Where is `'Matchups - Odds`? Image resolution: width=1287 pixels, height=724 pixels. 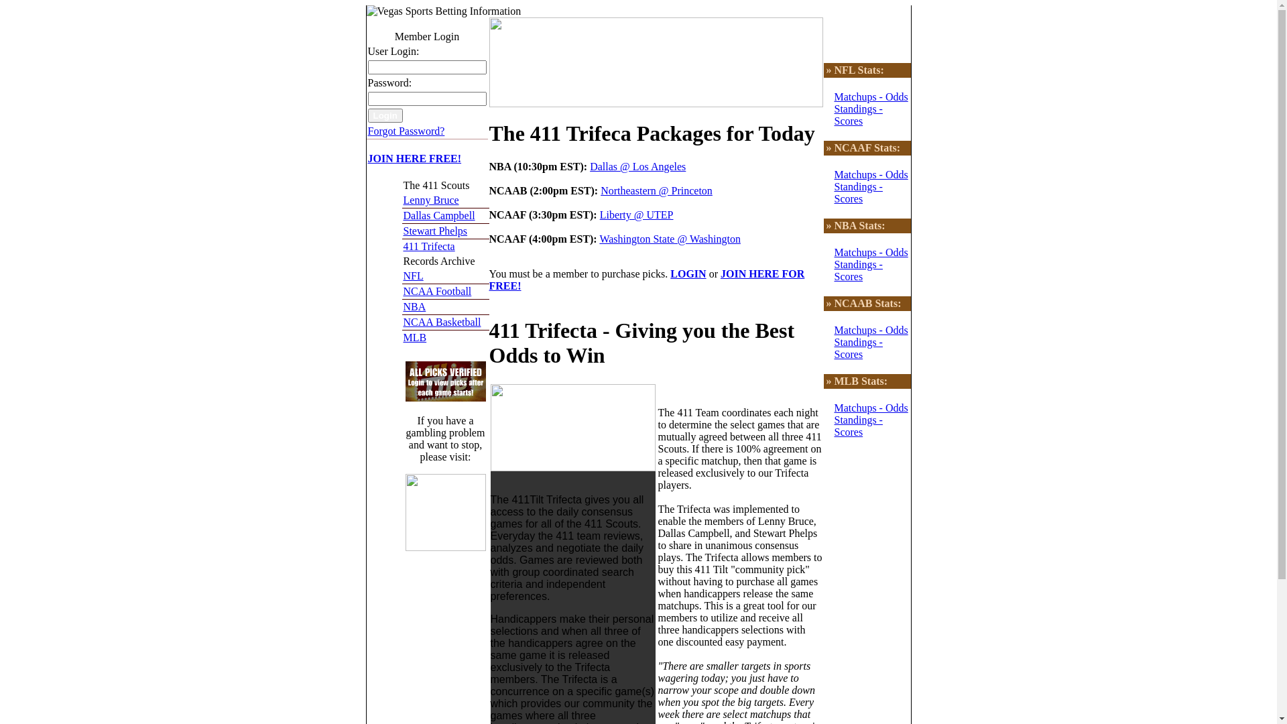 'Matchups - Odds is located at coordinates (871, 341).